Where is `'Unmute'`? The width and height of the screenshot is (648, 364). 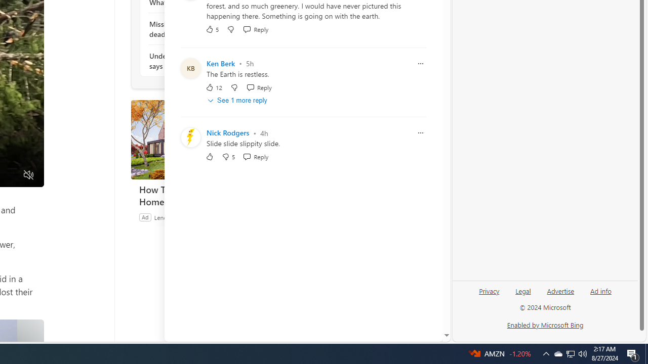 'Unmute' is located at coordinates (28, 175).